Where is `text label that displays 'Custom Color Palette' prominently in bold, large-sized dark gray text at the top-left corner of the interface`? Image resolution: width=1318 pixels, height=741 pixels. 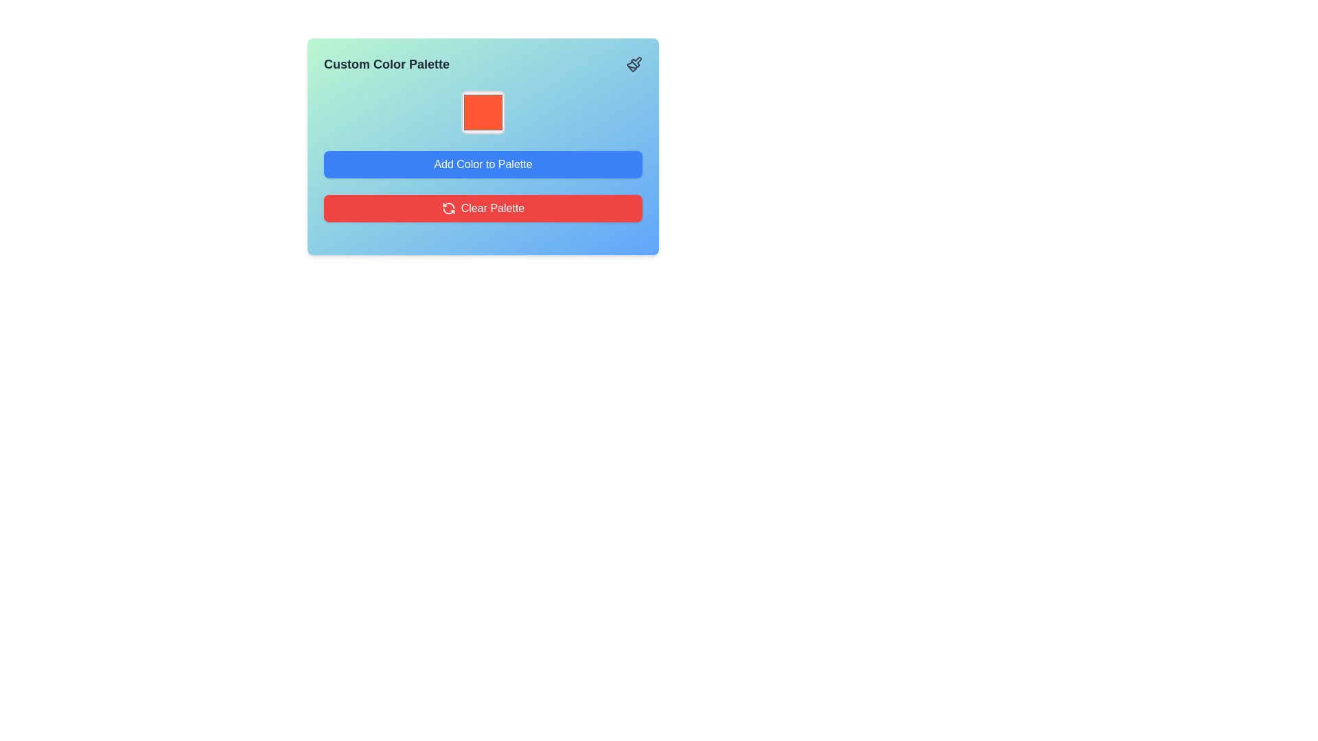
text label that displays 'Custom Color Palette' prominently in bold, large-sized dark gray text at the top-left corner of the interface is located at coordinates (386, 64).